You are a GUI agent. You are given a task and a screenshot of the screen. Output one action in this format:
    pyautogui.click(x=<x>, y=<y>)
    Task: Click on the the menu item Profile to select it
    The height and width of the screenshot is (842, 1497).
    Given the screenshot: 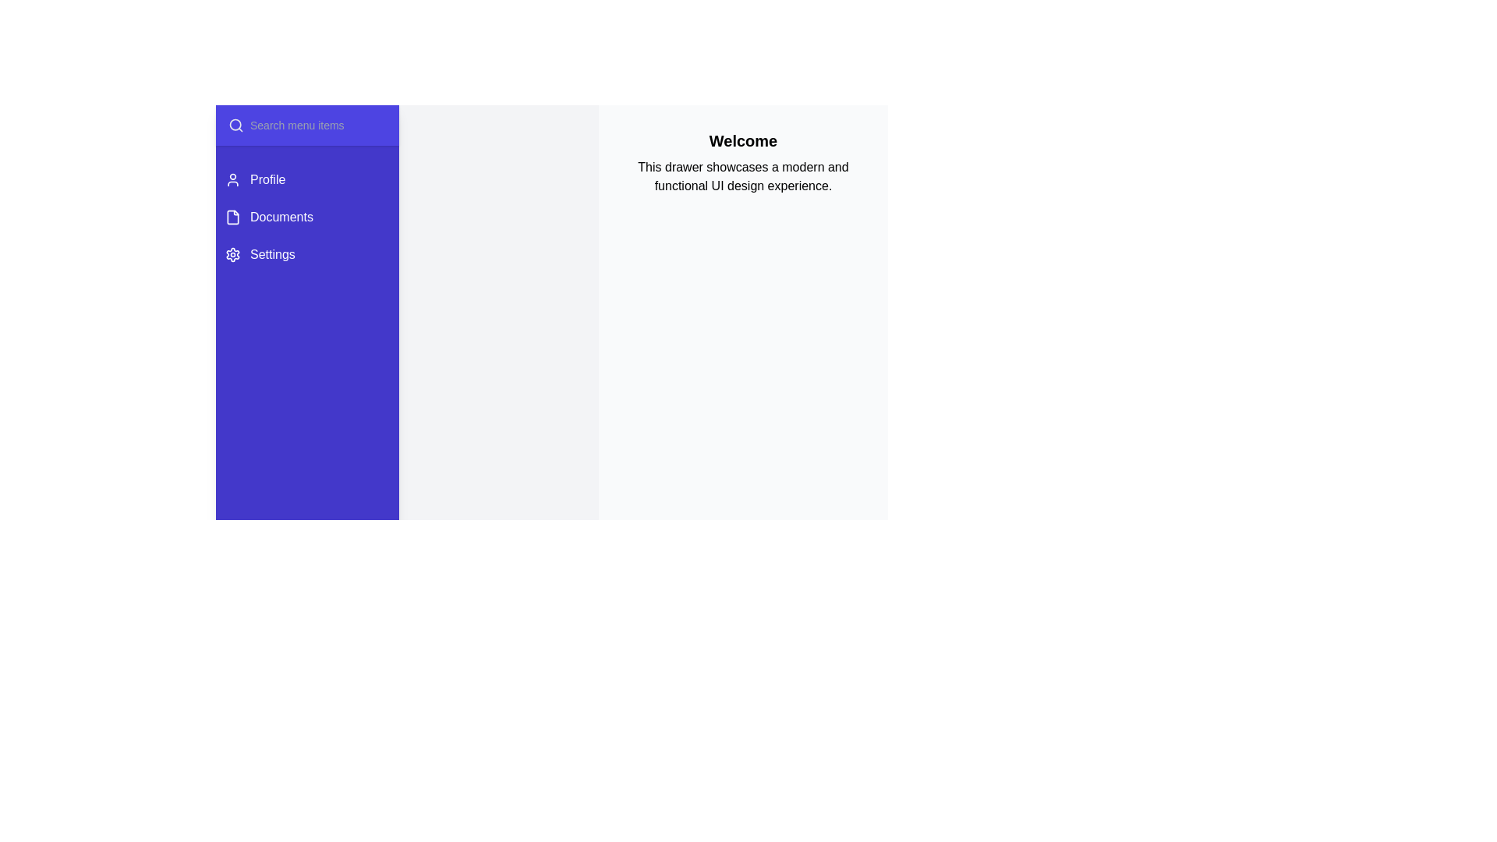 What is the action you would take?
    pyautogui.click(x=307, y=179)
    